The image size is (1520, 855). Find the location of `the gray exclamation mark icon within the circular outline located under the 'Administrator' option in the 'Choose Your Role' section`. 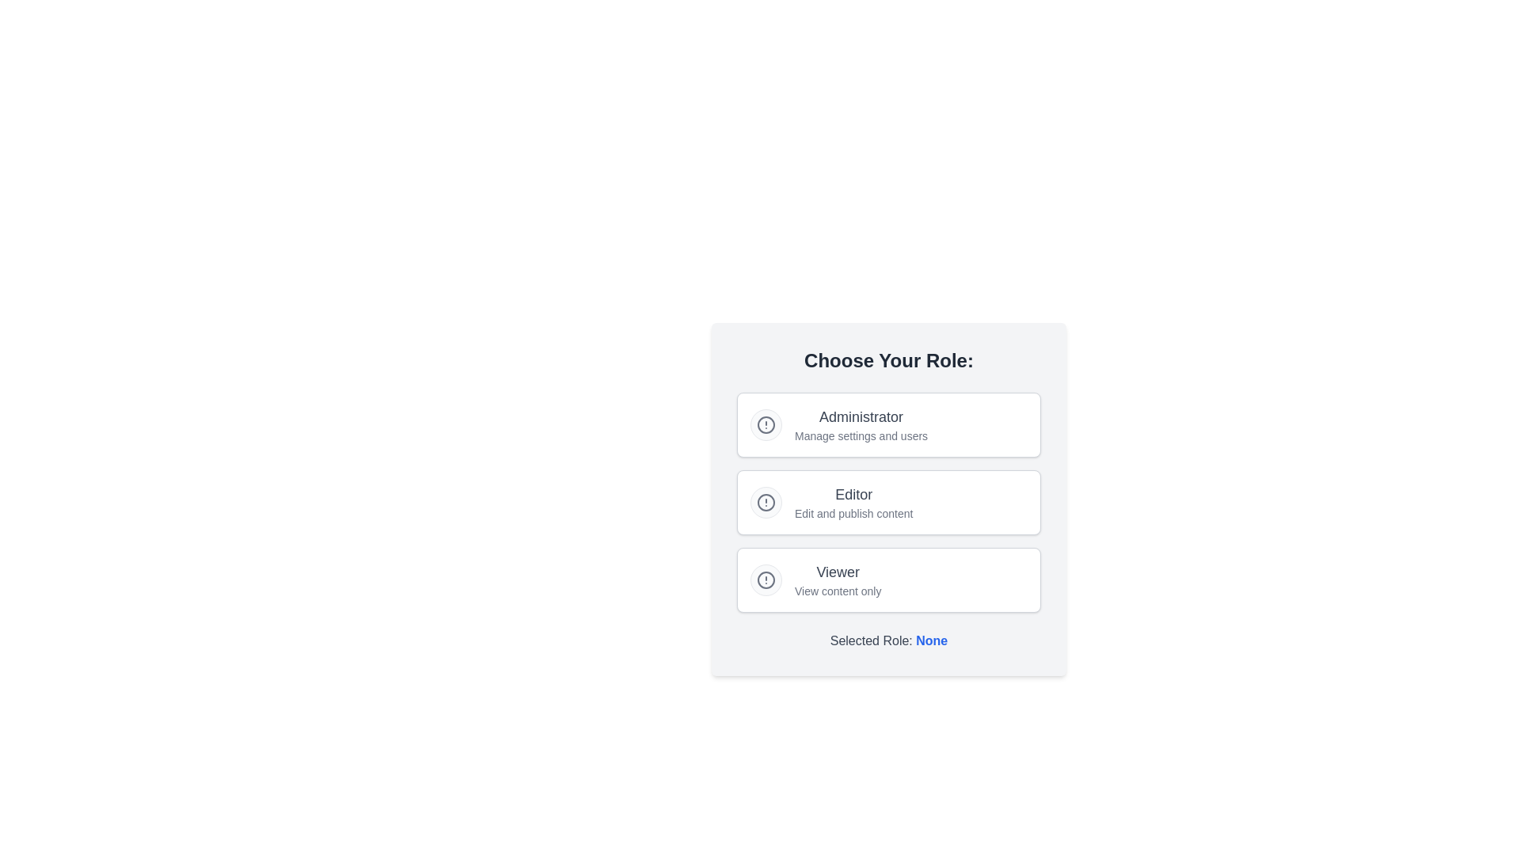

the gray exclamation mark icon within the circular outline located under the 'Administrator' option in the 'Choose Your Role' section is located at coordinates (766, 424).